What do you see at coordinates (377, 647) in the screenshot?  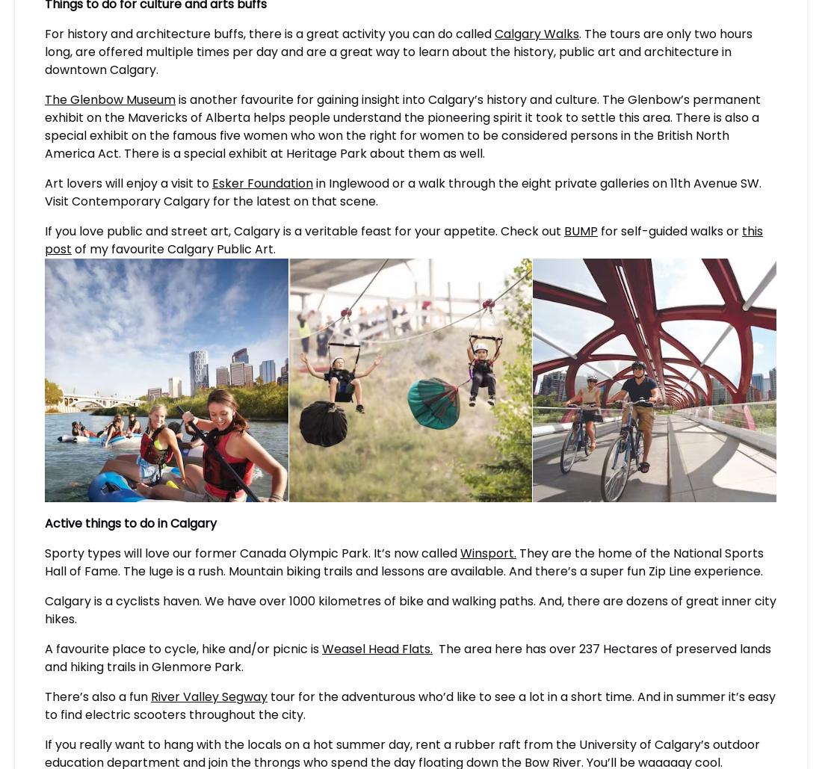 I see `'Weasel Head Flats.'` at bounding box center [377, 647].